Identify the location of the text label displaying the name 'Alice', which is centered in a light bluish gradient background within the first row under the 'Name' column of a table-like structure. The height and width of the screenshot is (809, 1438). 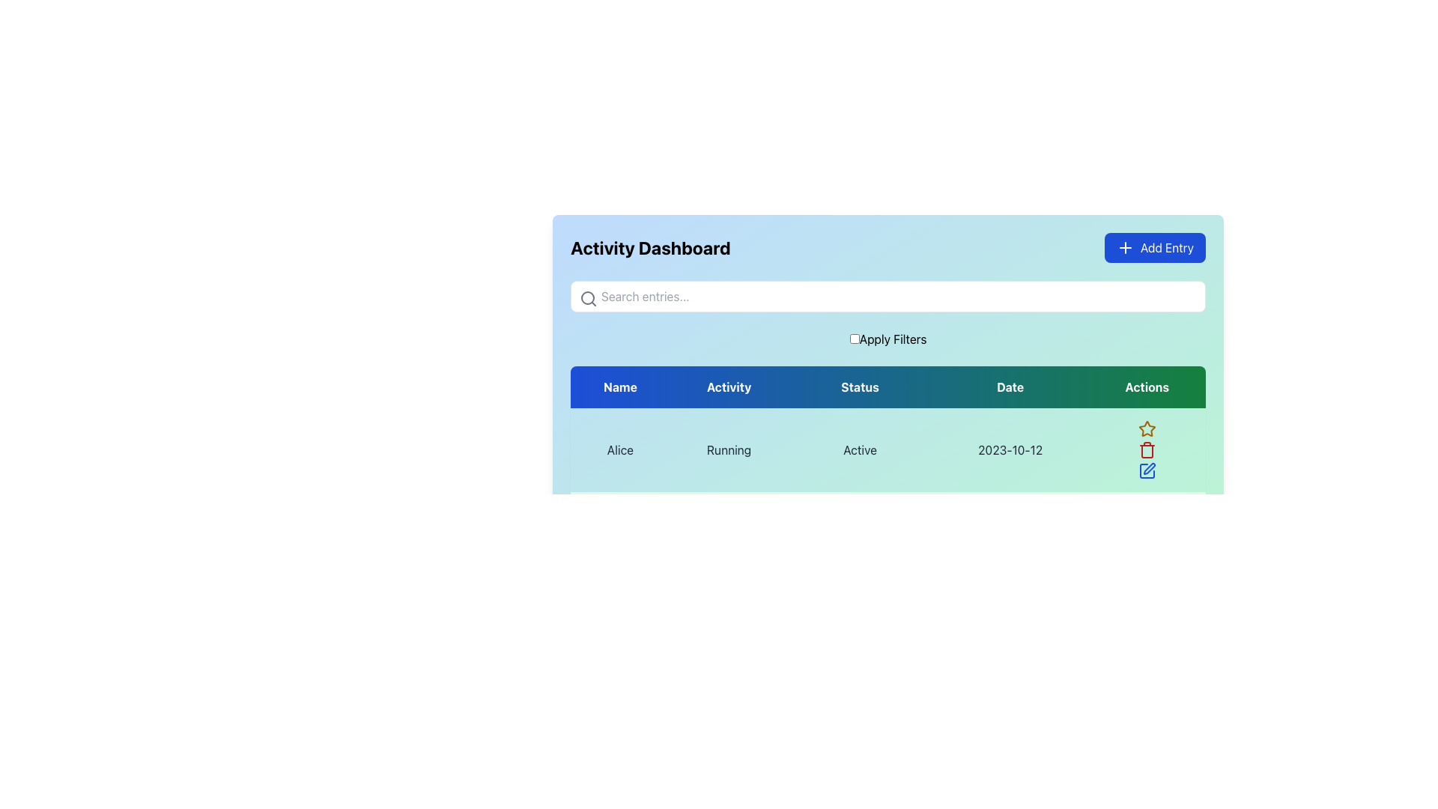
(620, 449).